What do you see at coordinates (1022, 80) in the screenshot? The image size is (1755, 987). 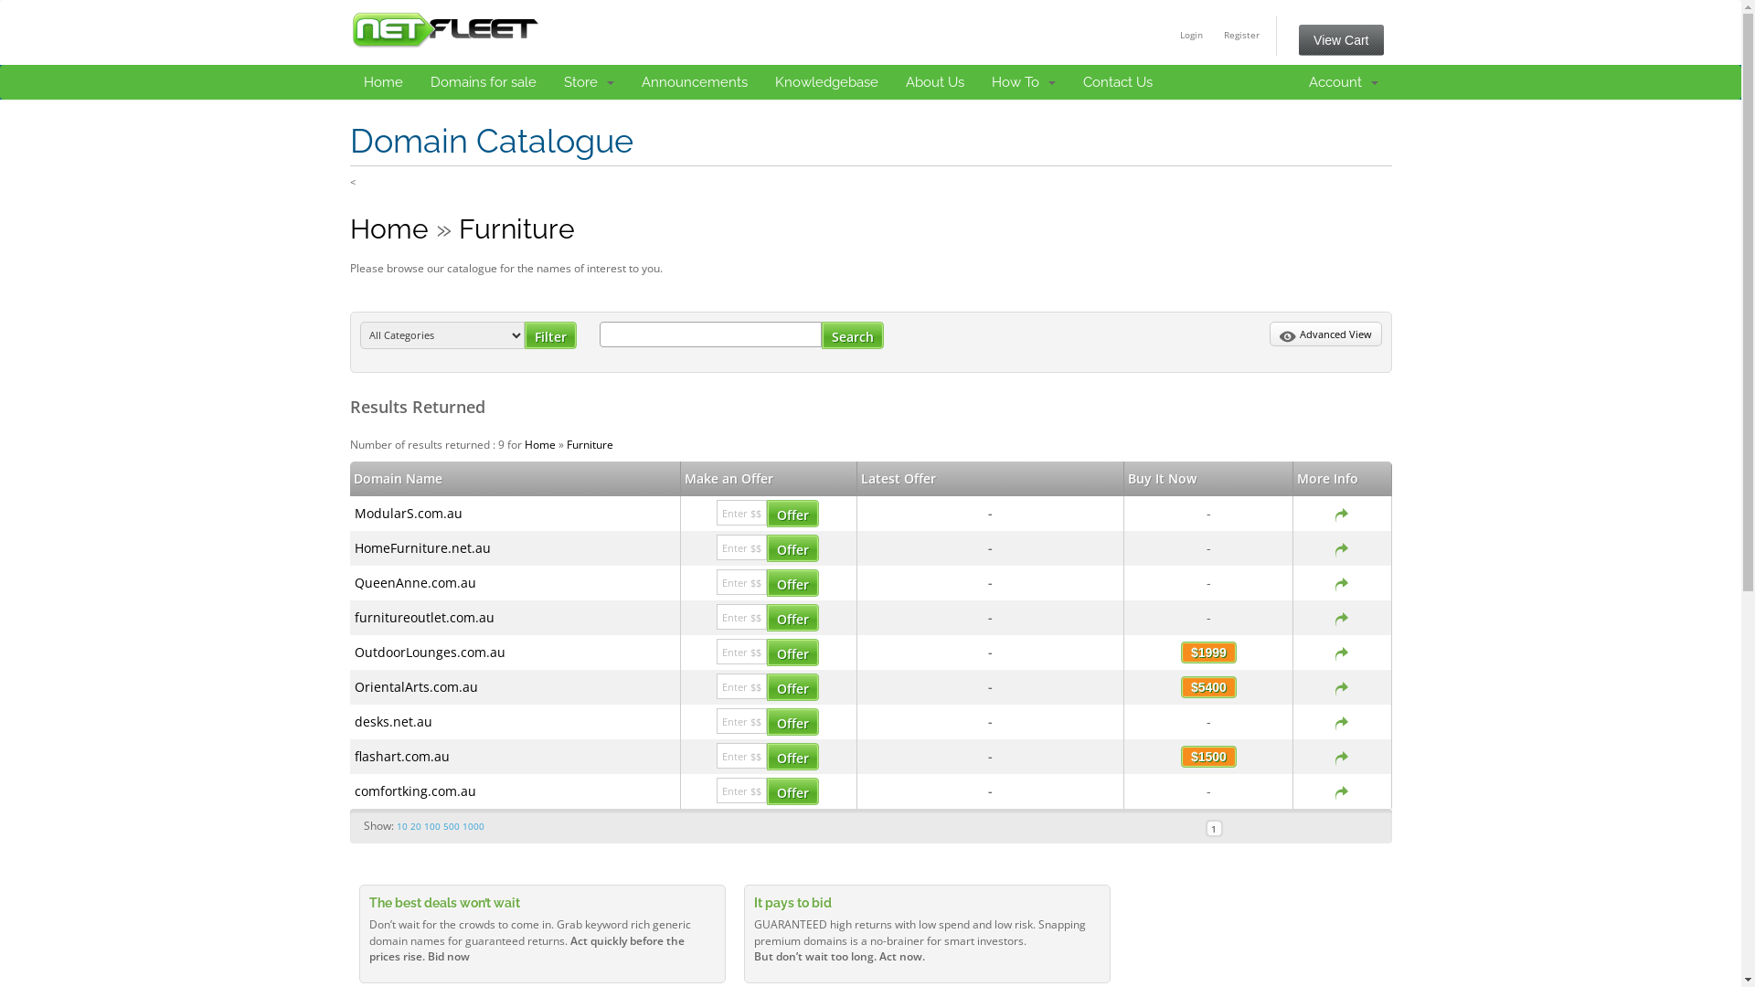 I see `'How To  '` at bounding box center [1022, 80].